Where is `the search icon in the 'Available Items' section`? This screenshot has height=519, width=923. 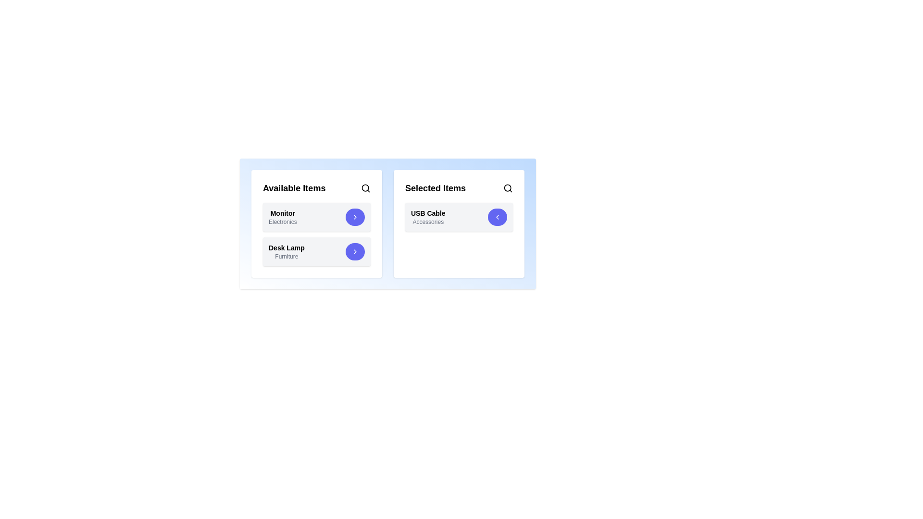
the search icon in the 'Available Items' section is located at coordinates (365, 188).